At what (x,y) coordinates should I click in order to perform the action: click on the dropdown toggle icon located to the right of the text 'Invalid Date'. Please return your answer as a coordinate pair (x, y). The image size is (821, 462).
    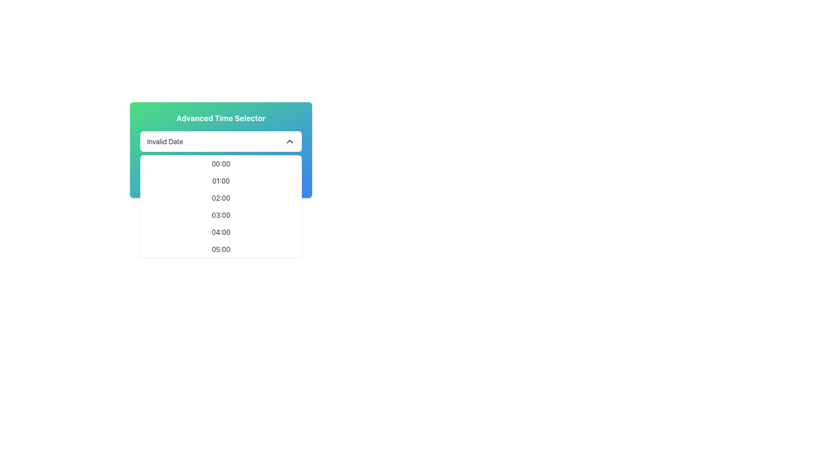
    Looking at the image, I should click on (289, 141).